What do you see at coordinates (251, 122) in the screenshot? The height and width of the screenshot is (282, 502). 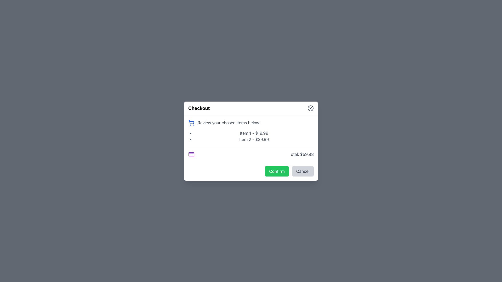 I see `the descriptive label at the top of the popup indicating the section for review of chosen items` at bounding box center [251, 122].